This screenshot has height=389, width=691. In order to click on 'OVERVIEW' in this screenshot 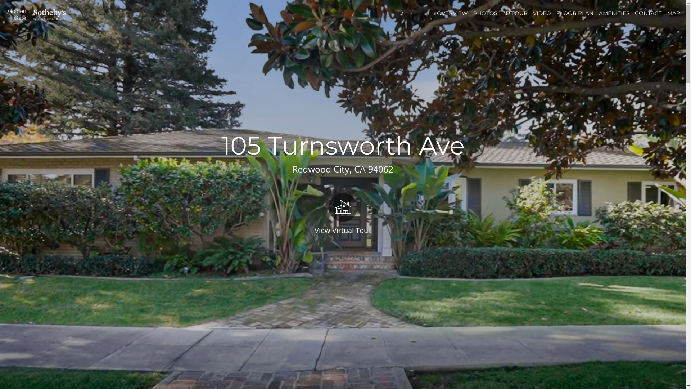, I will do `click(452, 13)`.